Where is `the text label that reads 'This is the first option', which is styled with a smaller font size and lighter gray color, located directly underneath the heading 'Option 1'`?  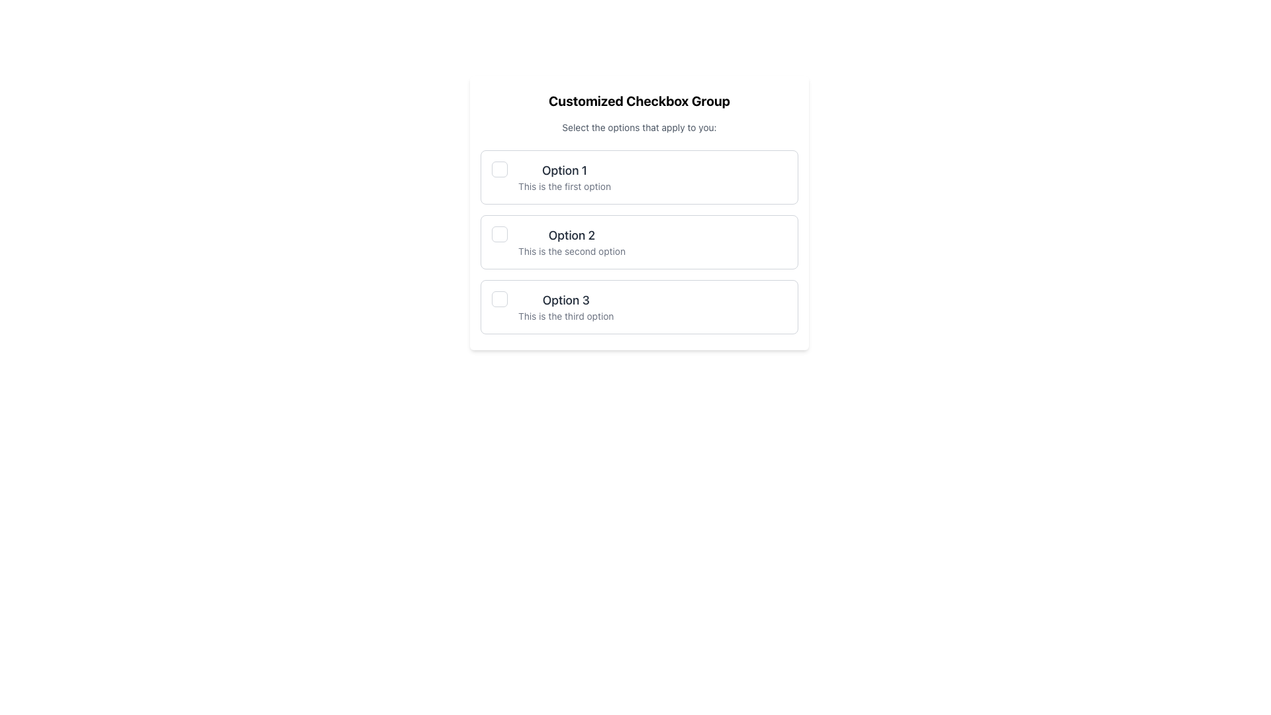 the text label that reads 'This is the first option', which is styled with a smaller font size and lighter gray color, located directly underneath the heading 'Option 1' is located at coordinates (565, 186).